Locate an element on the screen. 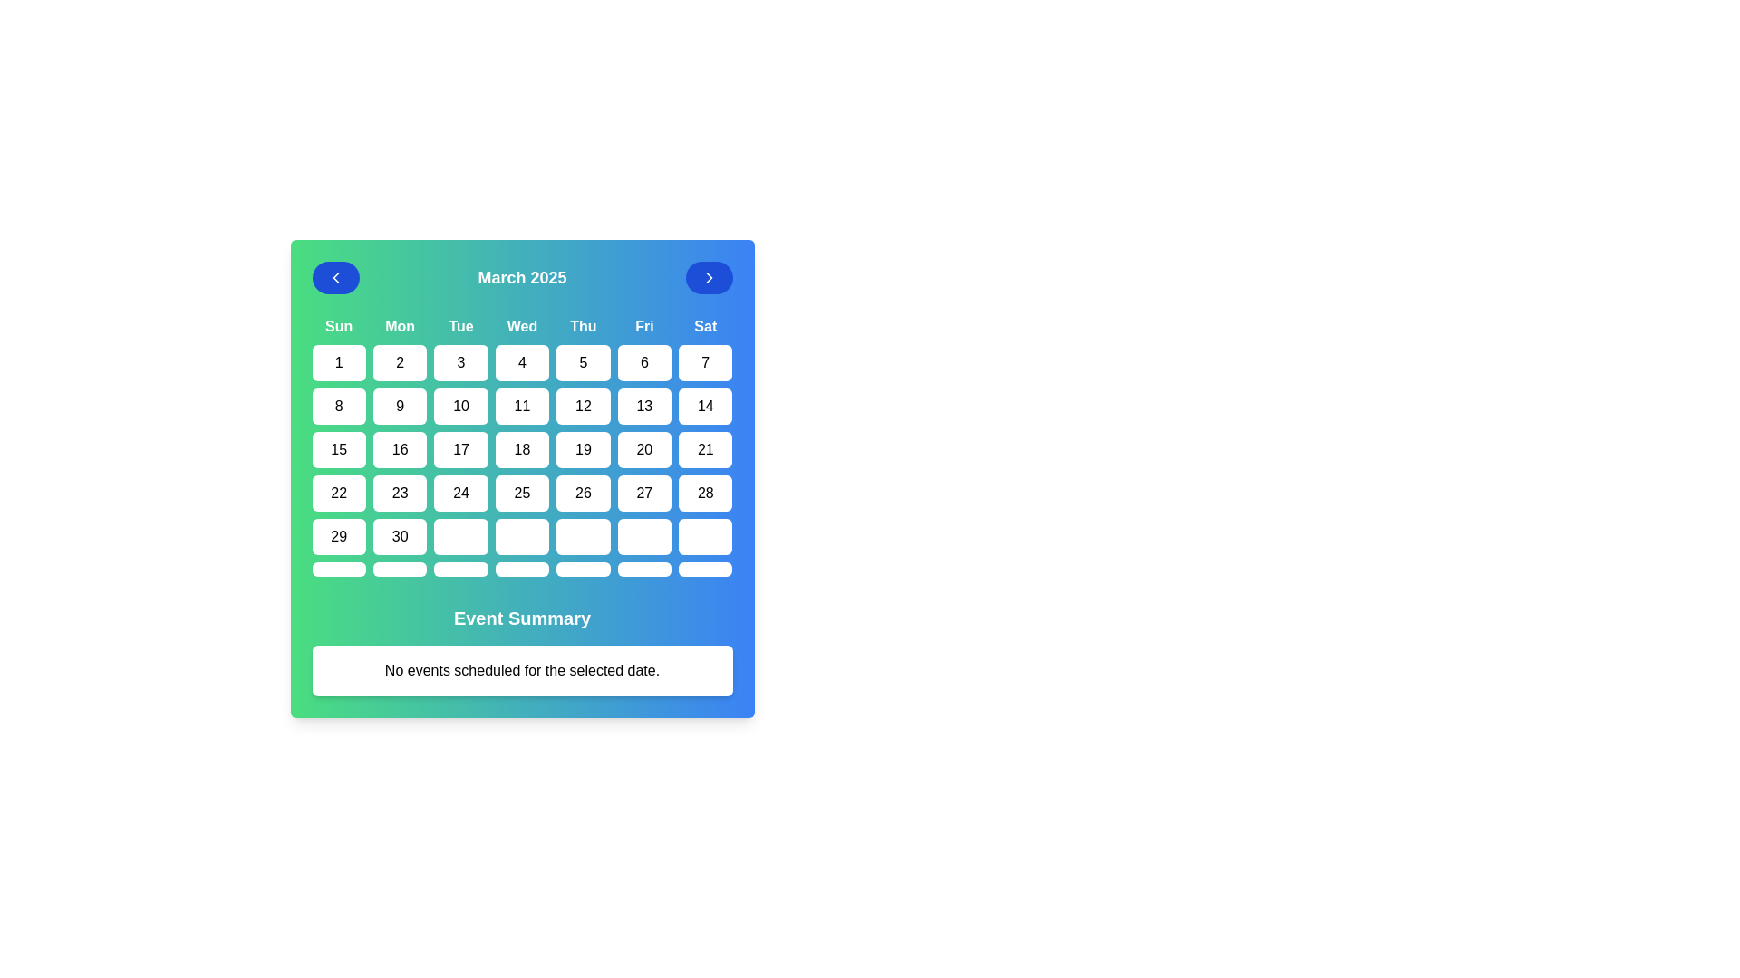 Image resolution: width=1740 pixels, height=978 pixels. the rectangular calendar cell displaying the numeric value '4' in the fourth column of the first row under 'Wed' in the March 2025 calendar view is located at coordinates (521, 363).